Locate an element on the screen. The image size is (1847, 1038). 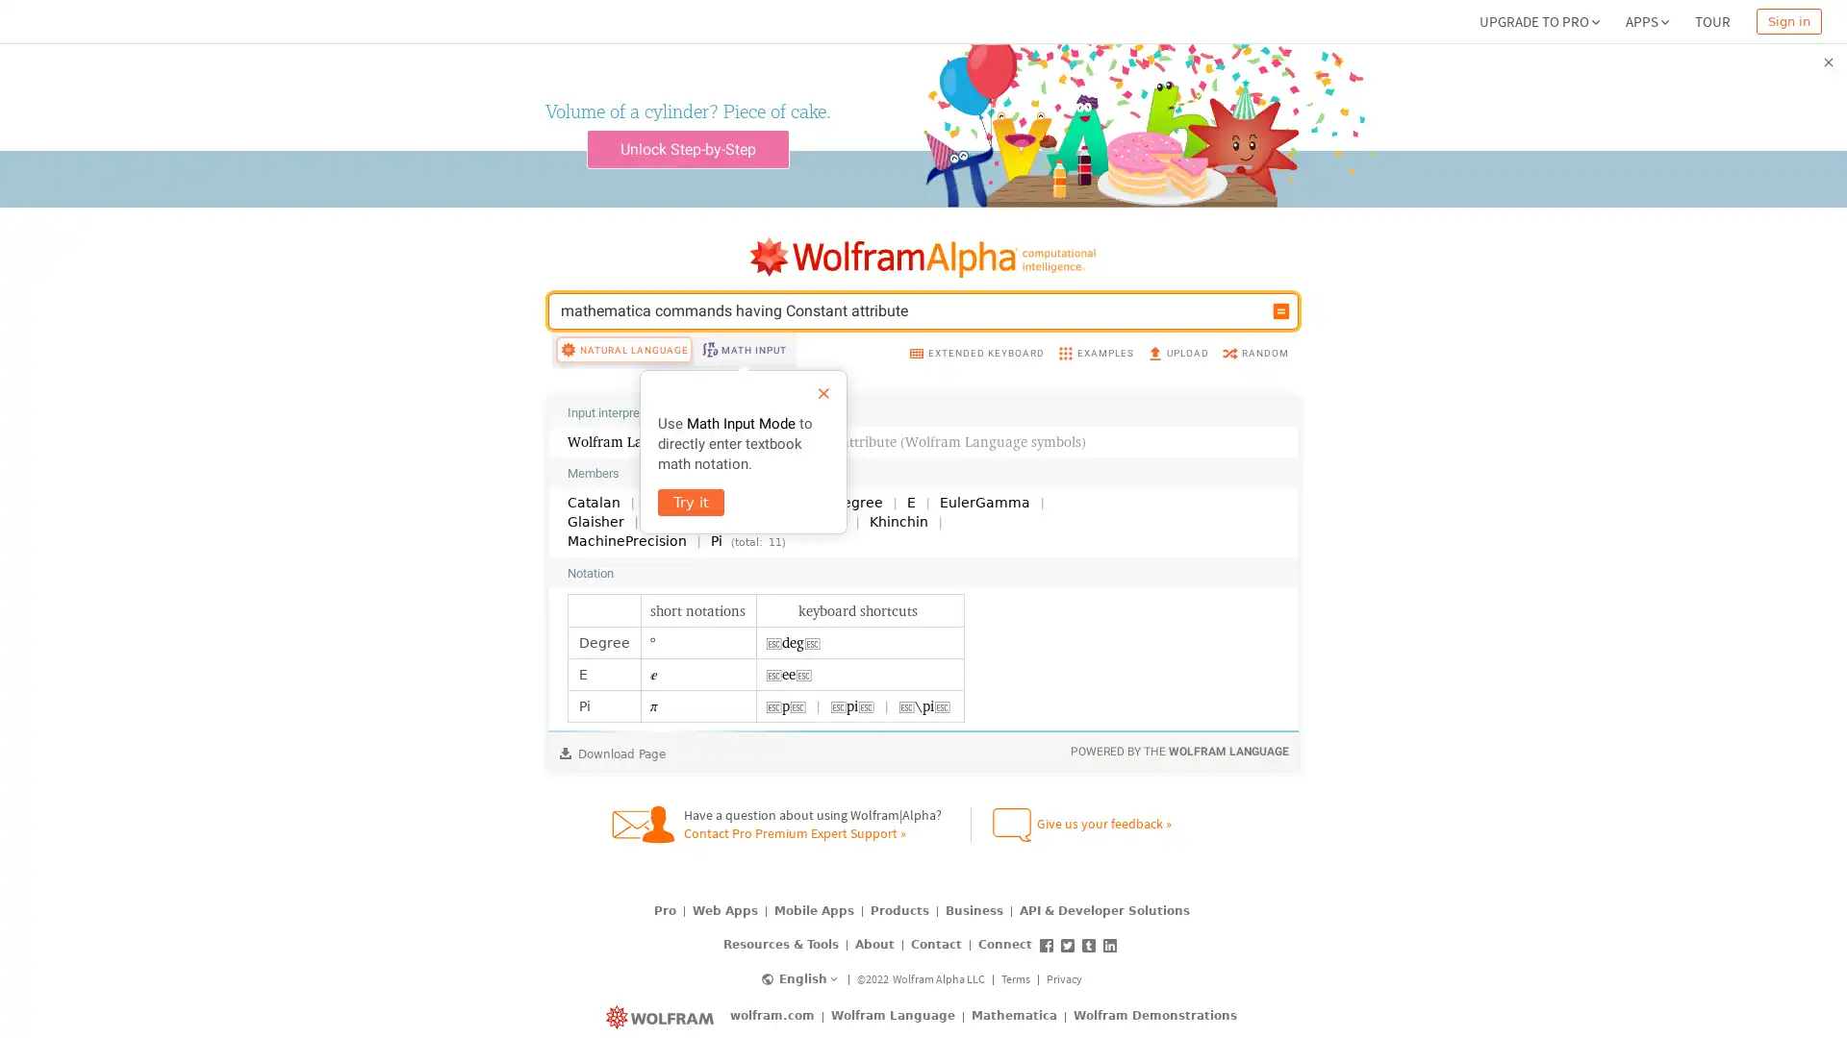
MATH INPUT is located at coordinates (742, 386).